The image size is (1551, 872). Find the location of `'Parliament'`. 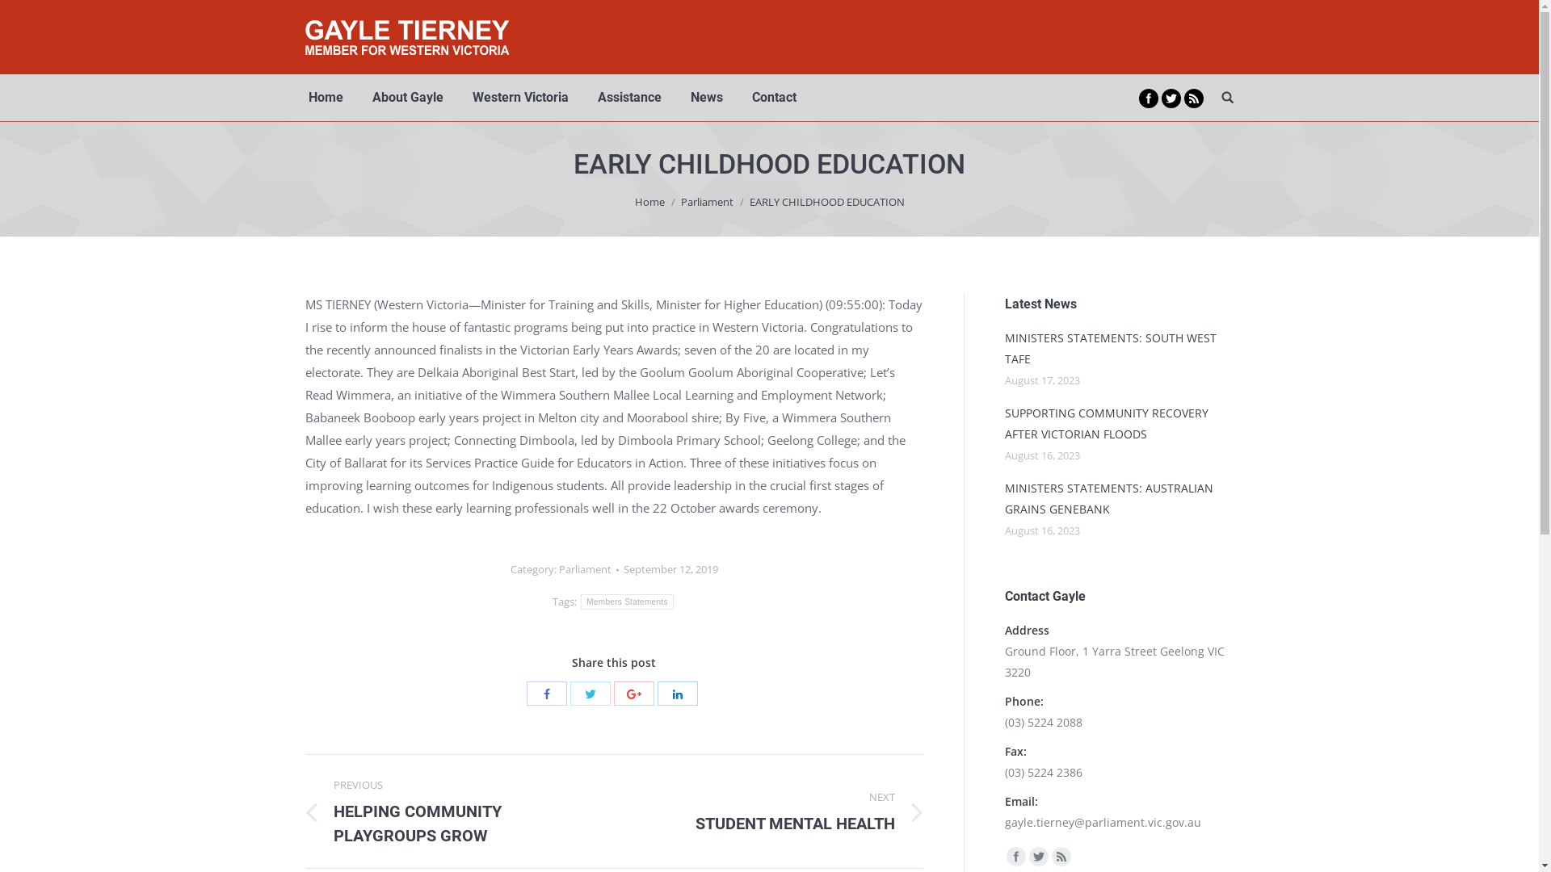

'Parliament' is located at coordinates (558, 568).